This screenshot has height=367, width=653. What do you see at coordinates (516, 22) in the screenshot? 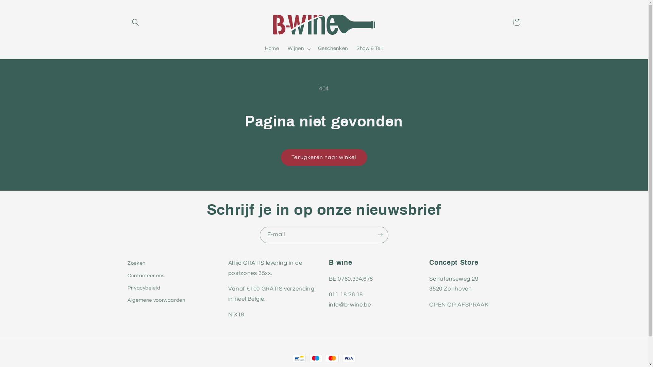
I see `'Winkelwagen'` at bounding box center [516, 22].